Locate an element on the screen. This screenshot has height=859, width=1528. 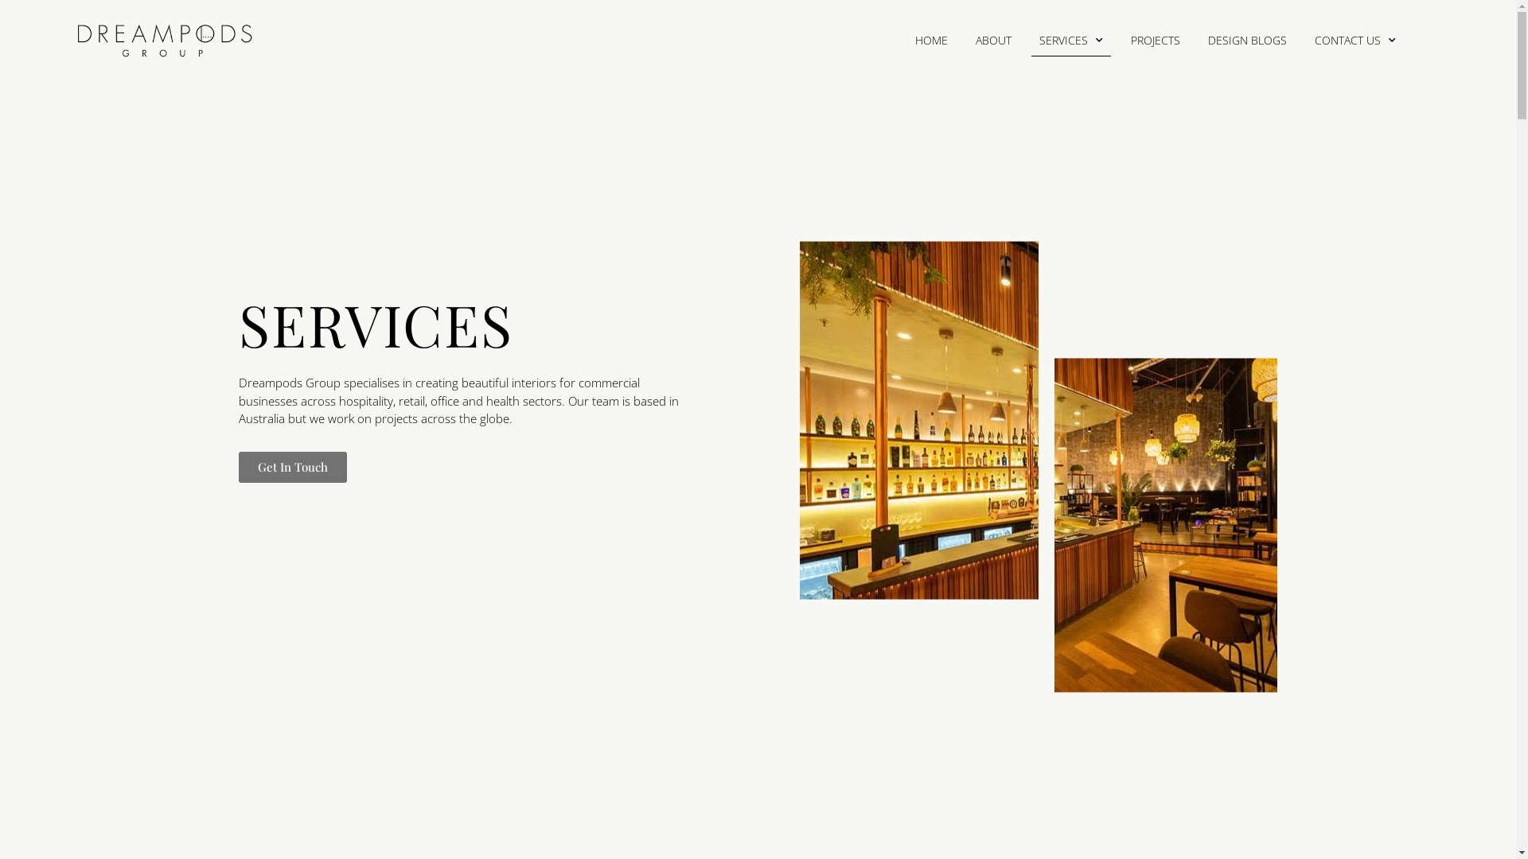
'PROJECTS' is located at coordinates (1155, 39).